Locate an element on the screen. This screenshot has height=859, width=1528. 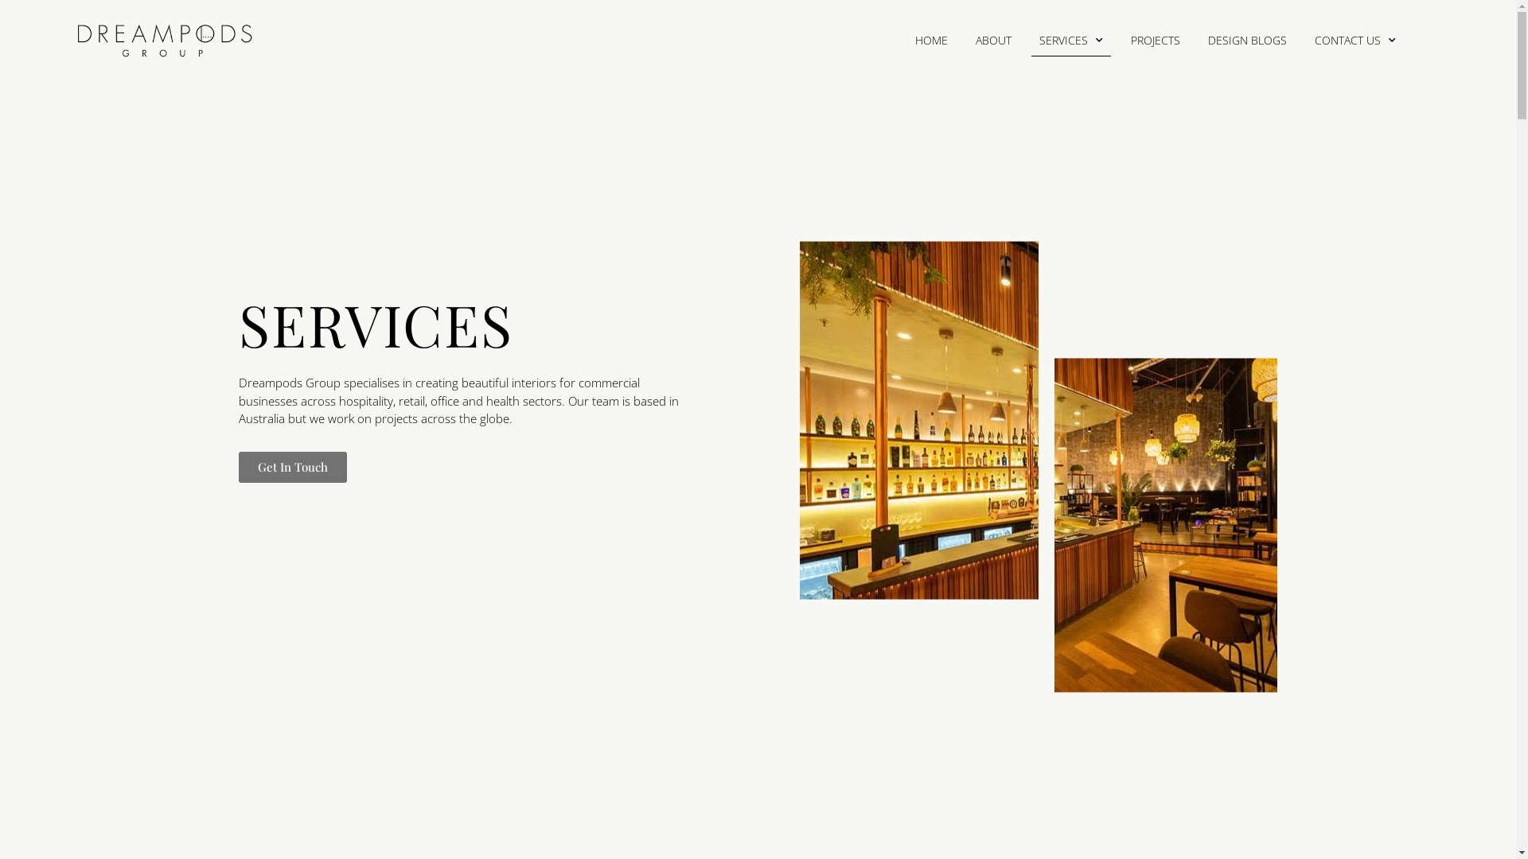
'PROJECTS' is located at coordinates (1155, 39).